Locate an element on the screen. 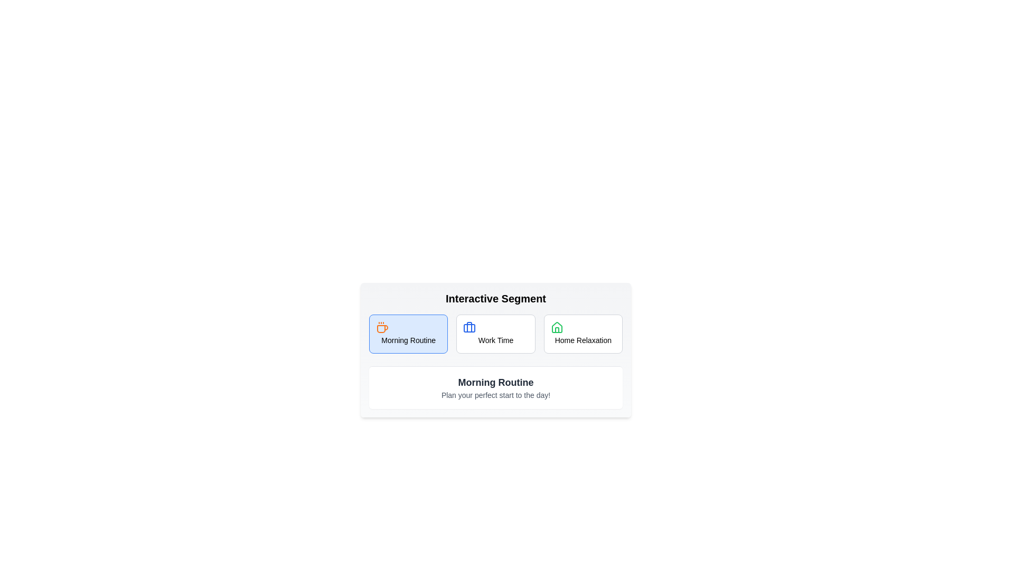 Image resolution: width=1014 pixels, height=570 pixels. the 'Work Time' static text label, which is displayed in a small font size within a white background card, located below a briefcase icon is located at coordinates (495, 340).